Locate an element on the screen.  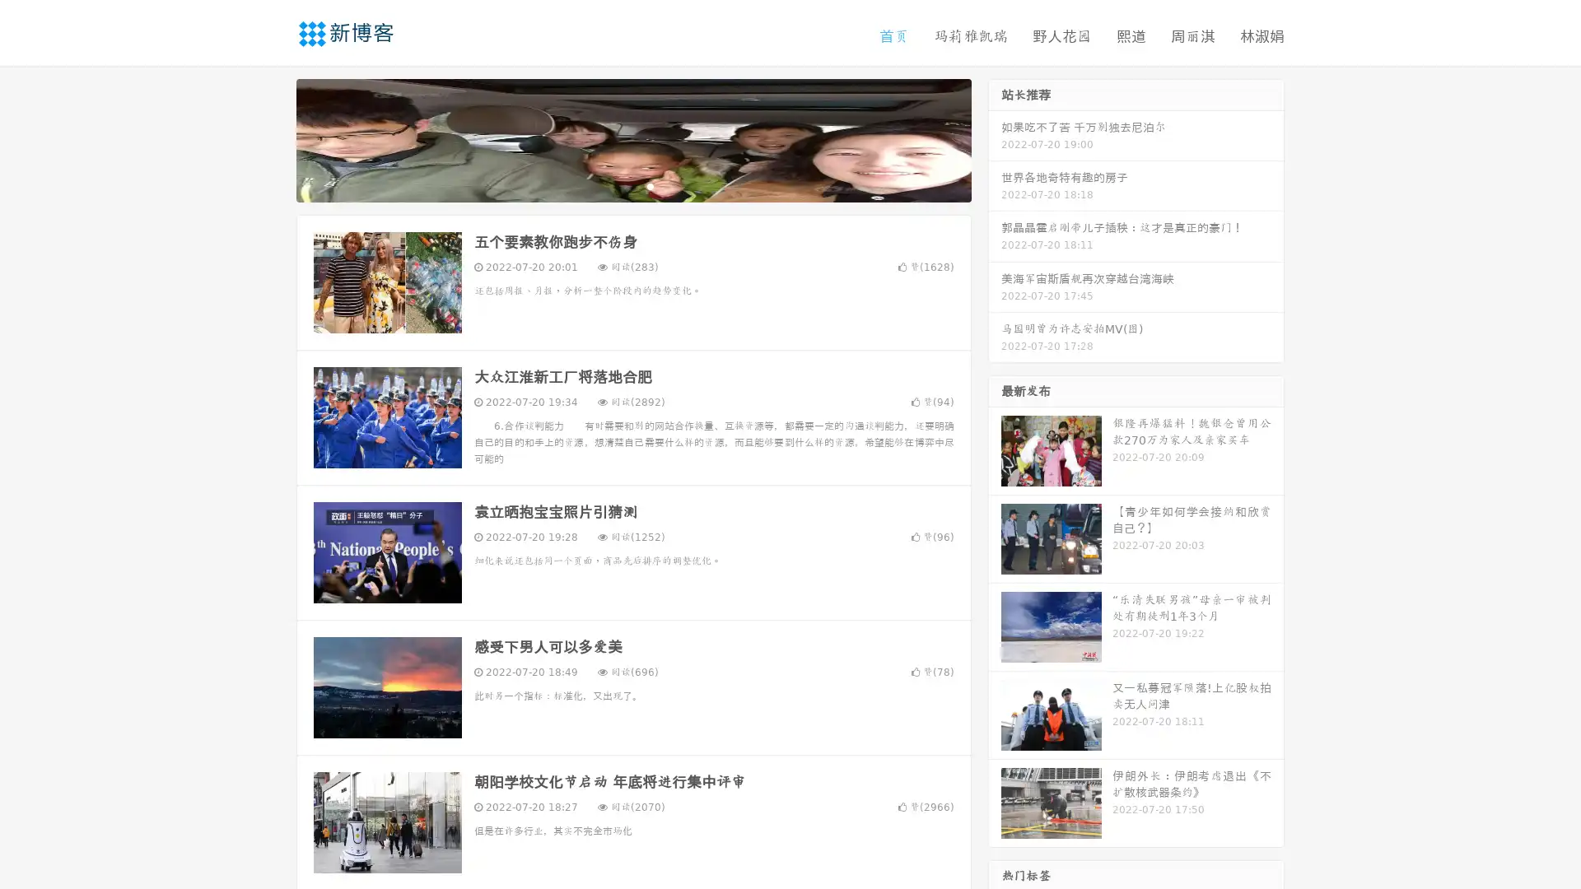
Previous slide is located at coordinates (272, 138).